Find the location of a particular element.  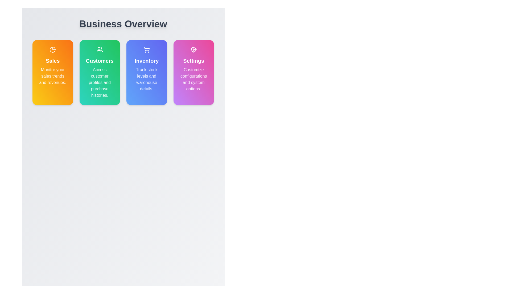

the text block within the green card interface labeled 'Customers', which displays a title in bold white font and a description below it is located at coordinates (100, 73).